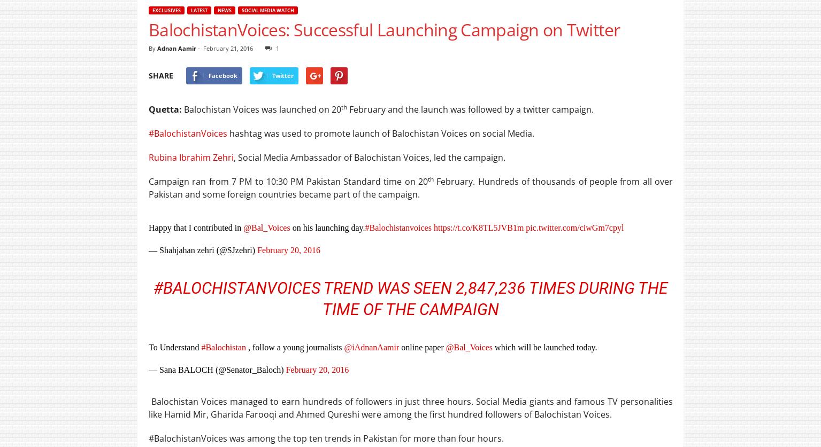  I want to click on '— Sana BALOCH (@Senator_Baloch)', so click(217, 370).